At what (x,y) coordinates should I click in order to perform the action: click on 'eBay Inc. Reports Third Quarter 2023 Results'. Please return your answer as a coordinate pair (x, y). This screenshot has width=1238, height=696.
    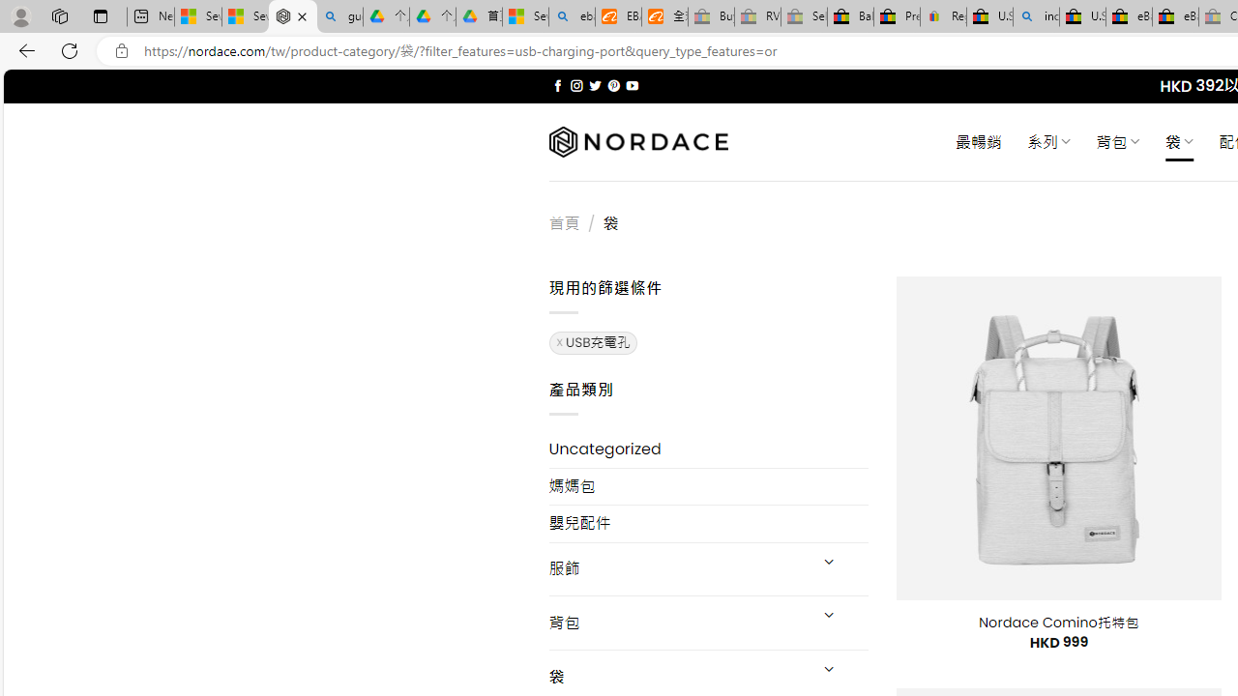
    Looking at the image, I should click on (1174, 16).